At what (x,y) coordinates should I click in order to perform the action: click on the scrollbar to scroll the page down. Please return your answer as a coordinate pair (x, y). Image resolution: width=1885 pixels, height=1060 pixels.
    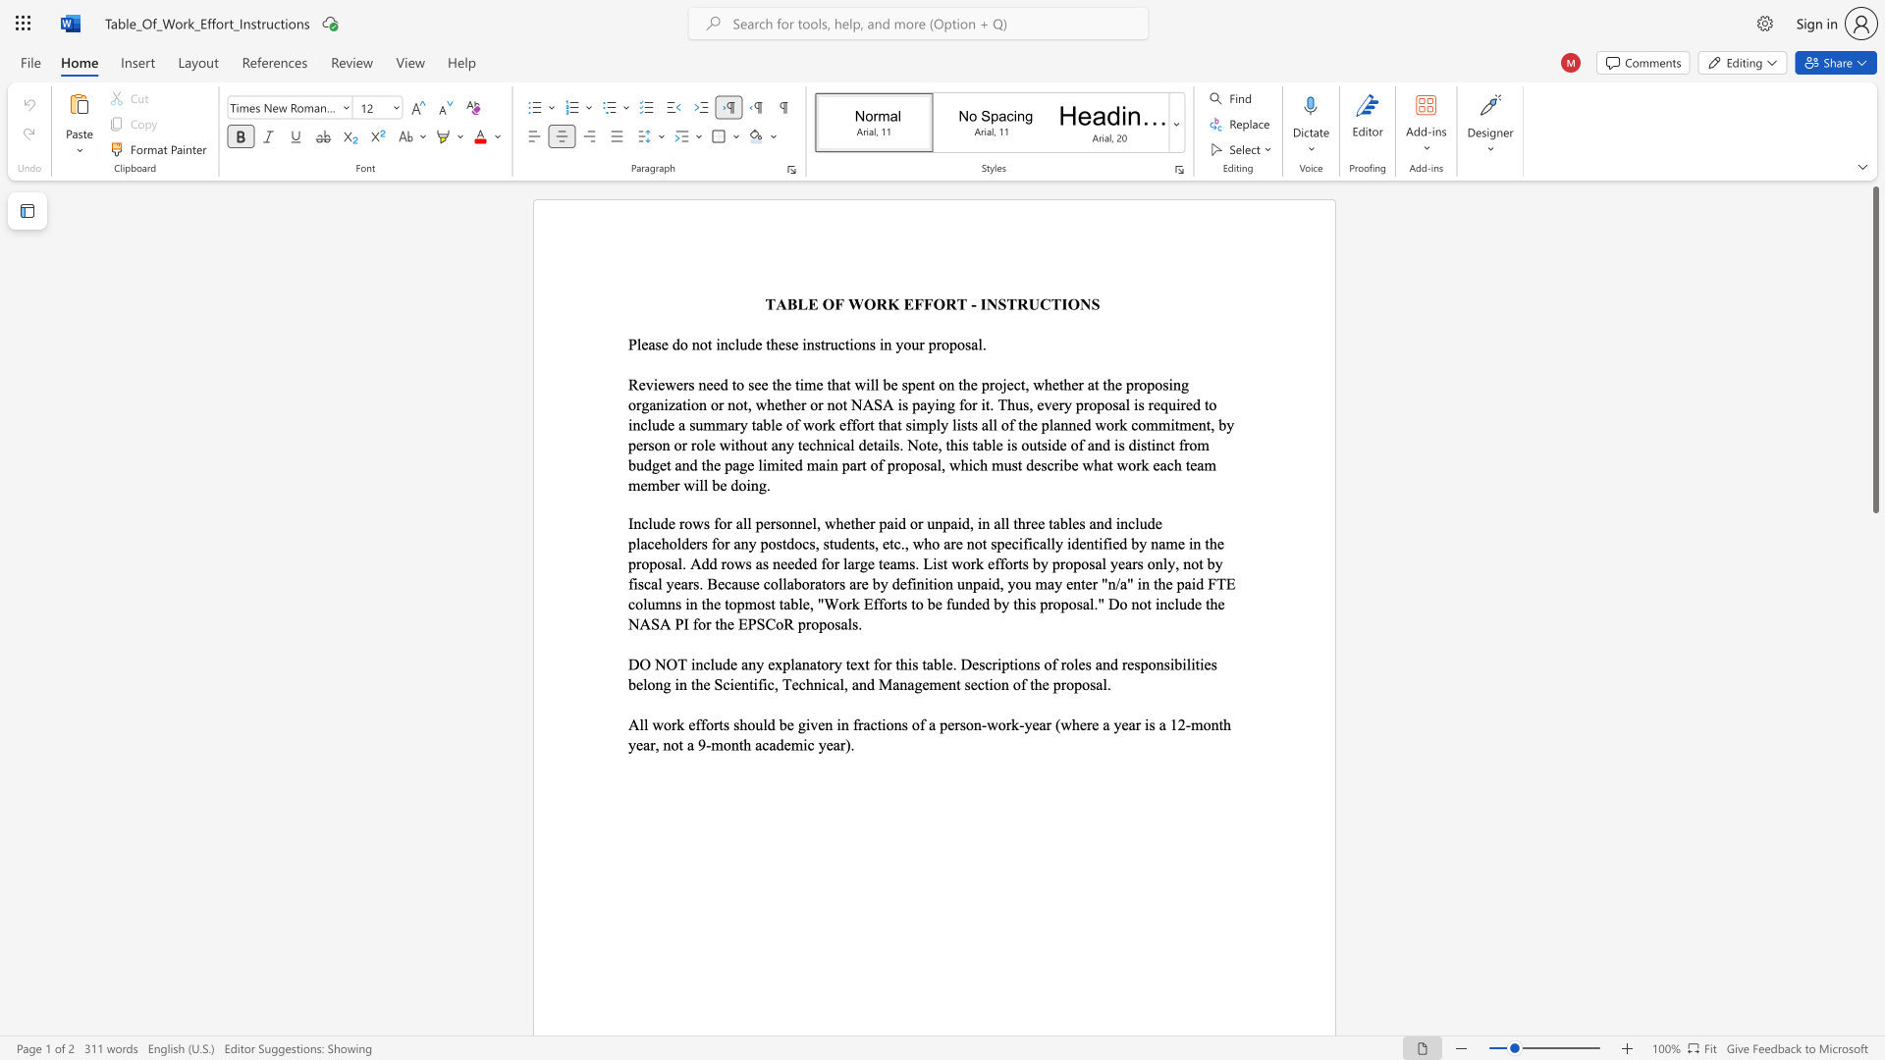
    Looking at the image, I should click on (1874, 783).